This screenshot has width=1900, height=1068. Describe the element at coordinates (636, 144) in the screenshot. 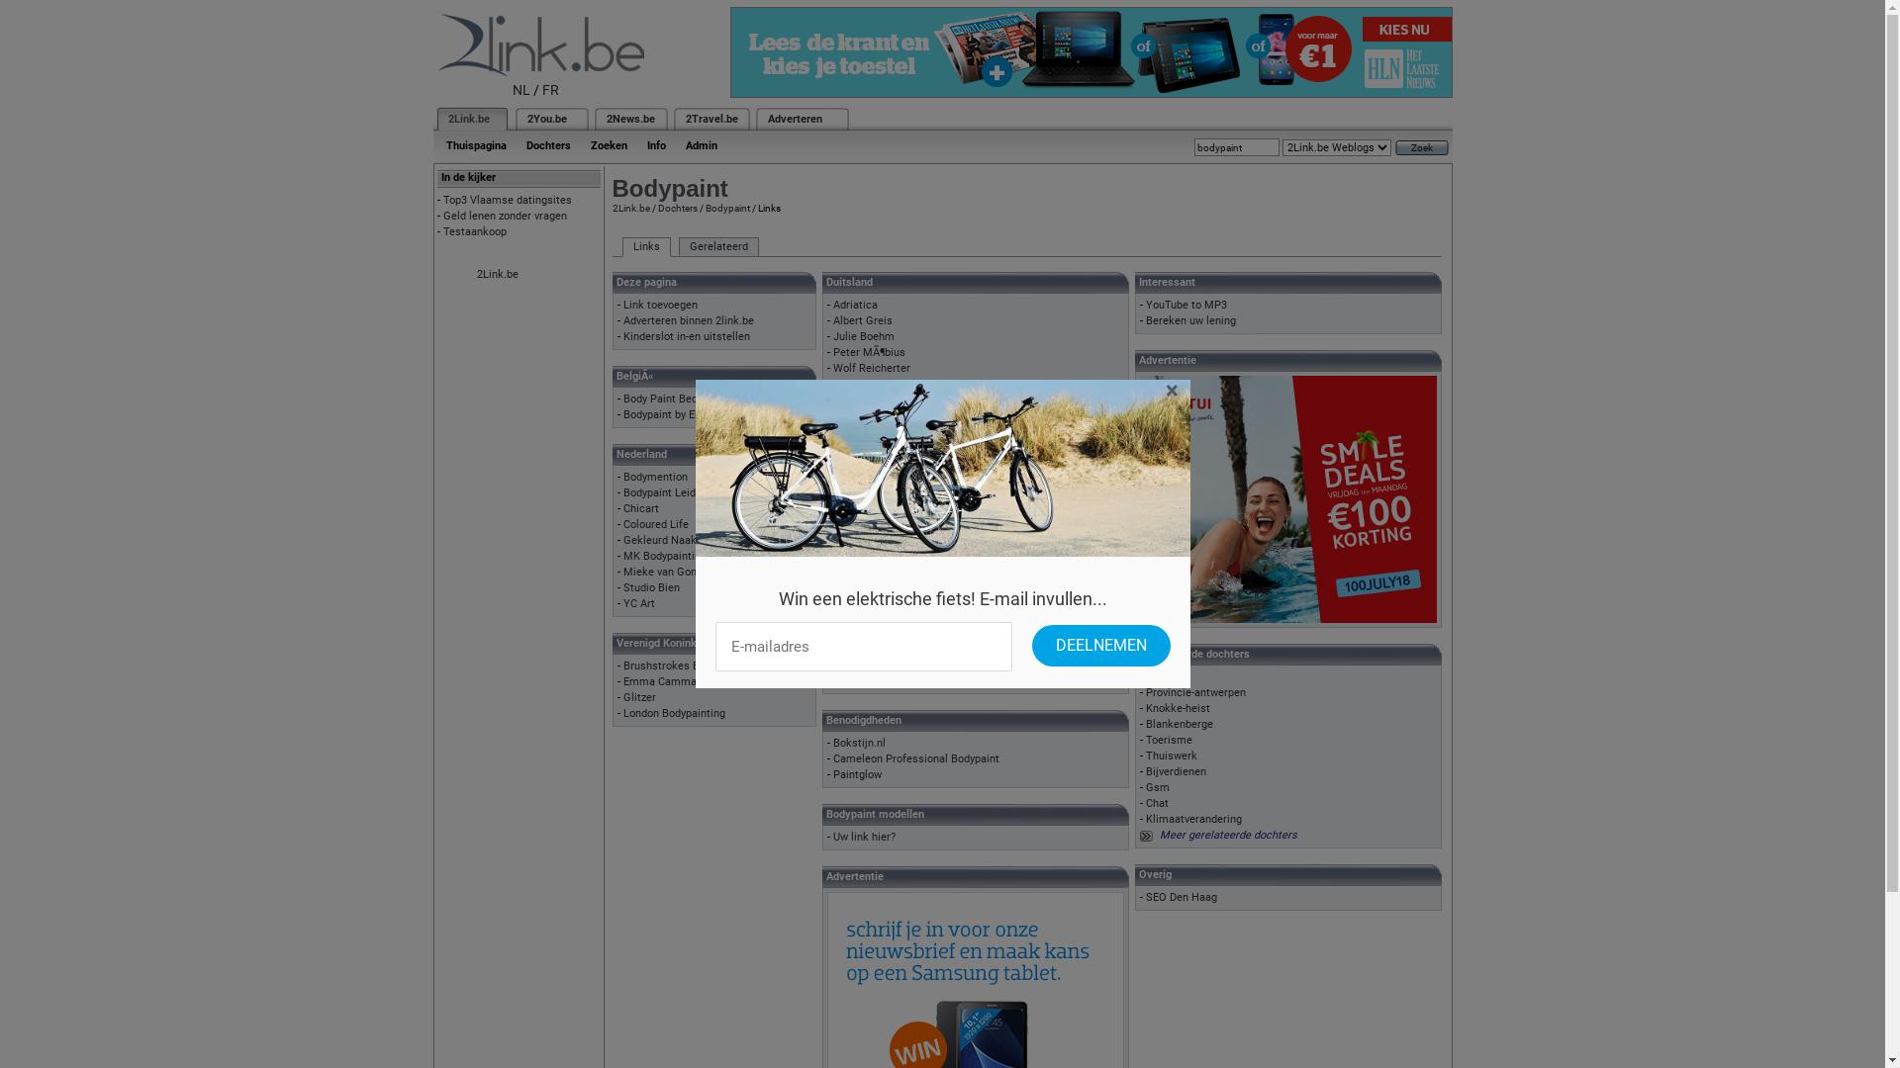

I see `'Info'` at that location.